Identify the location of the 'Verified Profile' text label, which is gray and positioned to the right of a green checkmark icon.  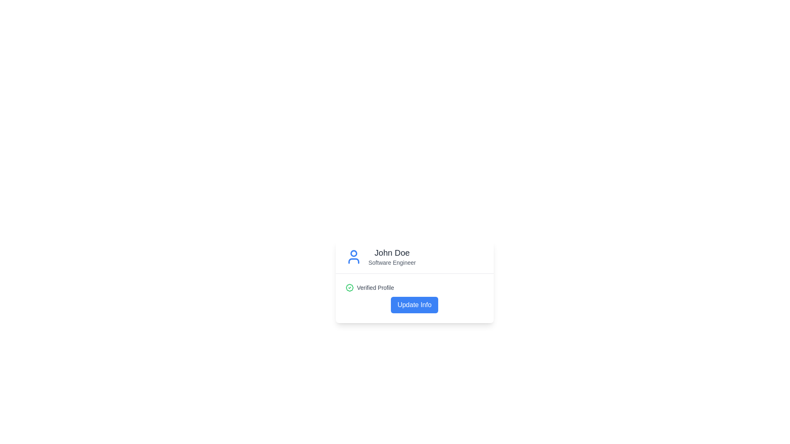
(375, 287).